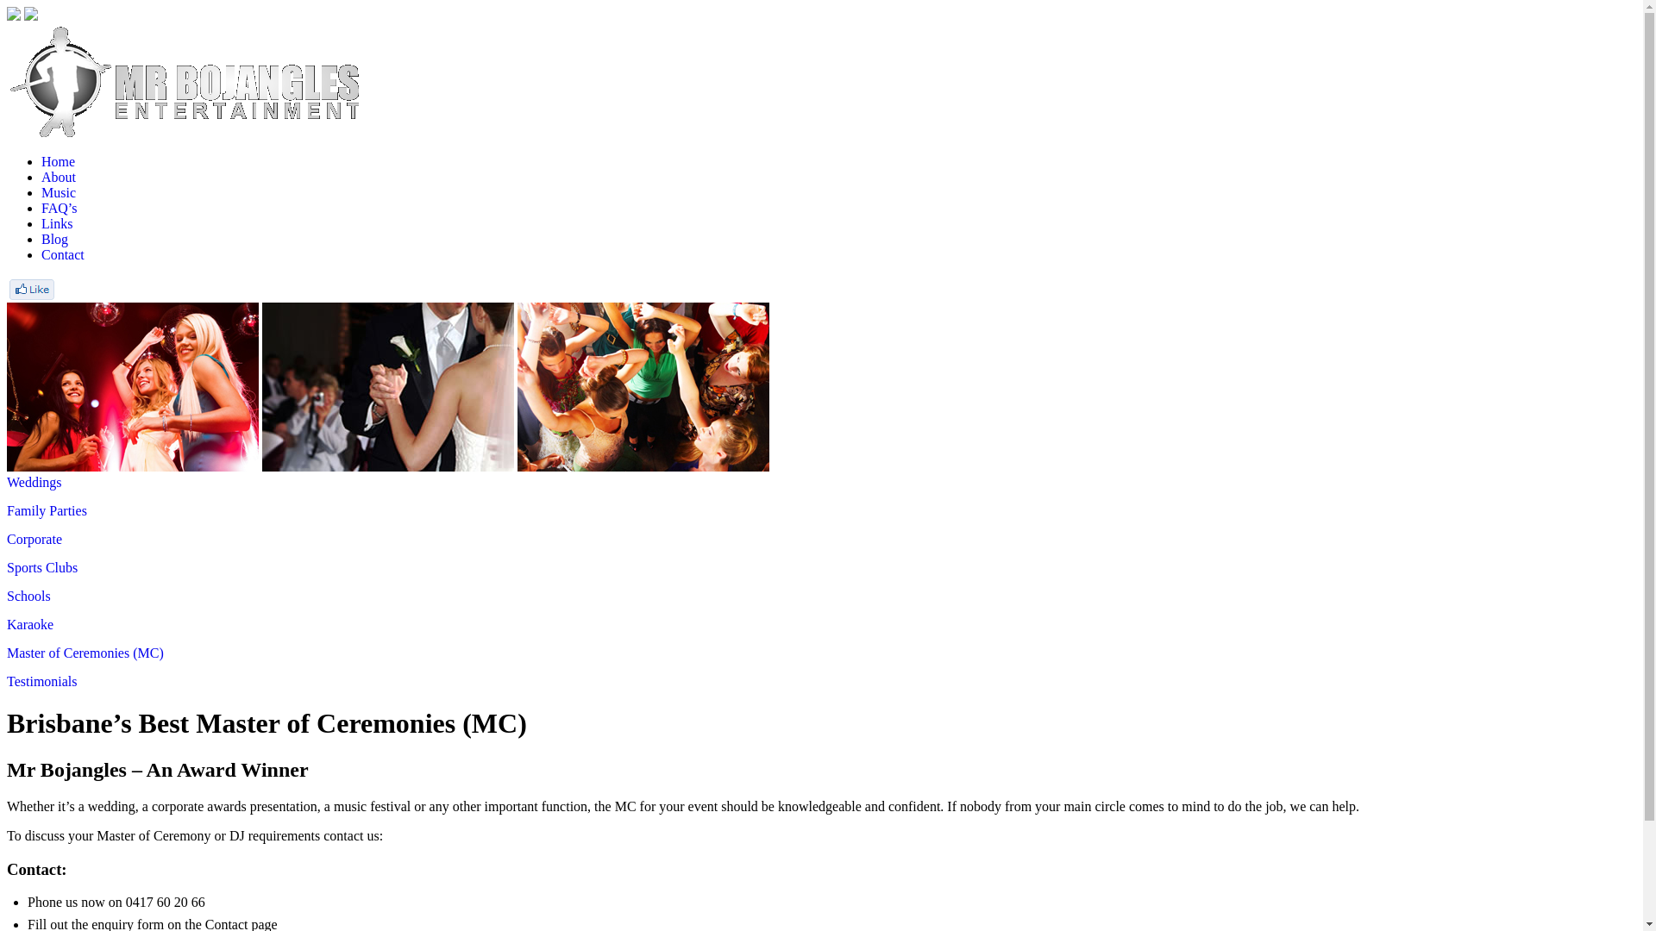 This screenshot has width=1656, height=931. What do you see at coordinates (41, 680) in the screenshot?
I see `'Testimonials'` at bounding box center [41, 680].